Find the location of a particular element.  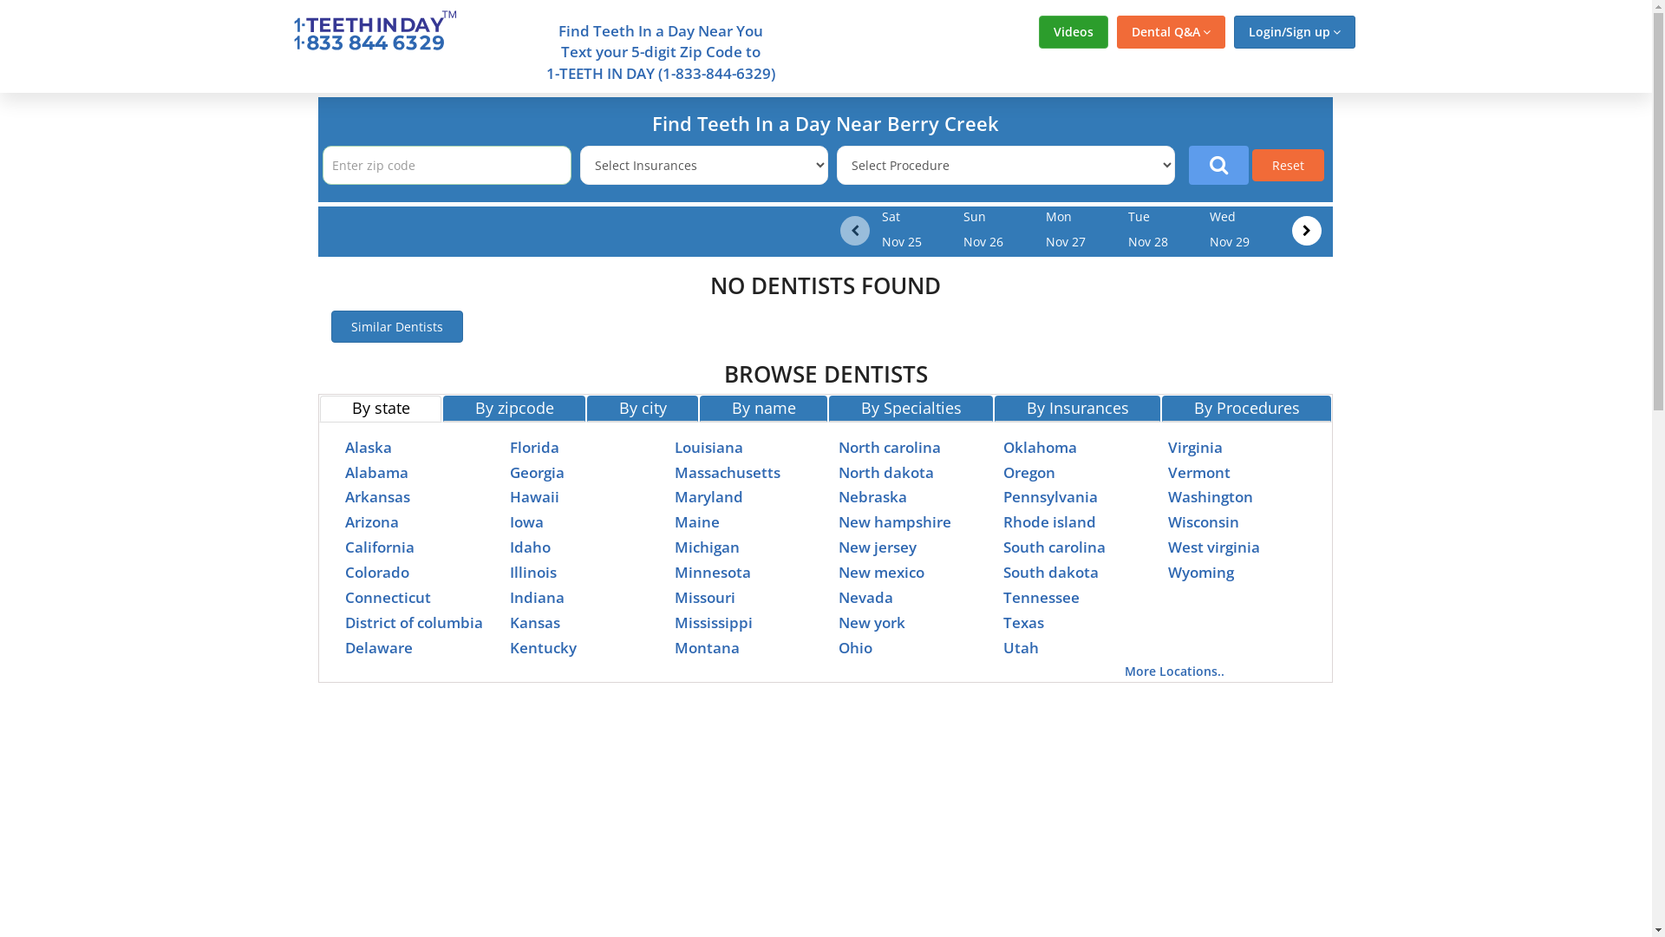

'Colorado' is located at coordinates (376, 572).